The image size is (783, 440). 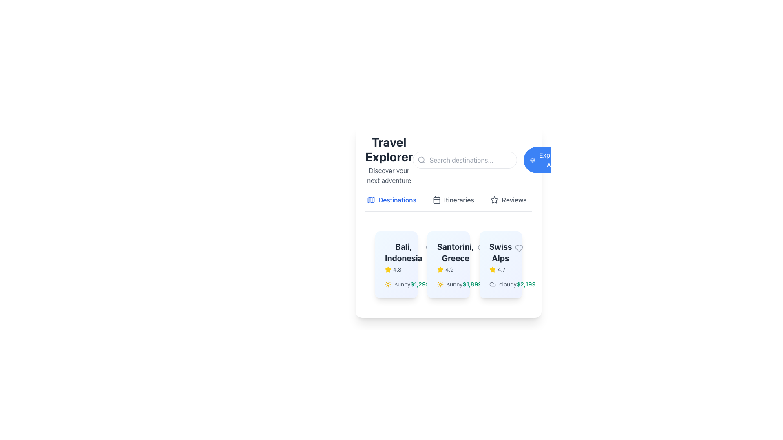 I want to click on the text block displaying 'Bali, Indonesia' with a rating of '4.8' to possibly see more details, so click(x=403, y=257).